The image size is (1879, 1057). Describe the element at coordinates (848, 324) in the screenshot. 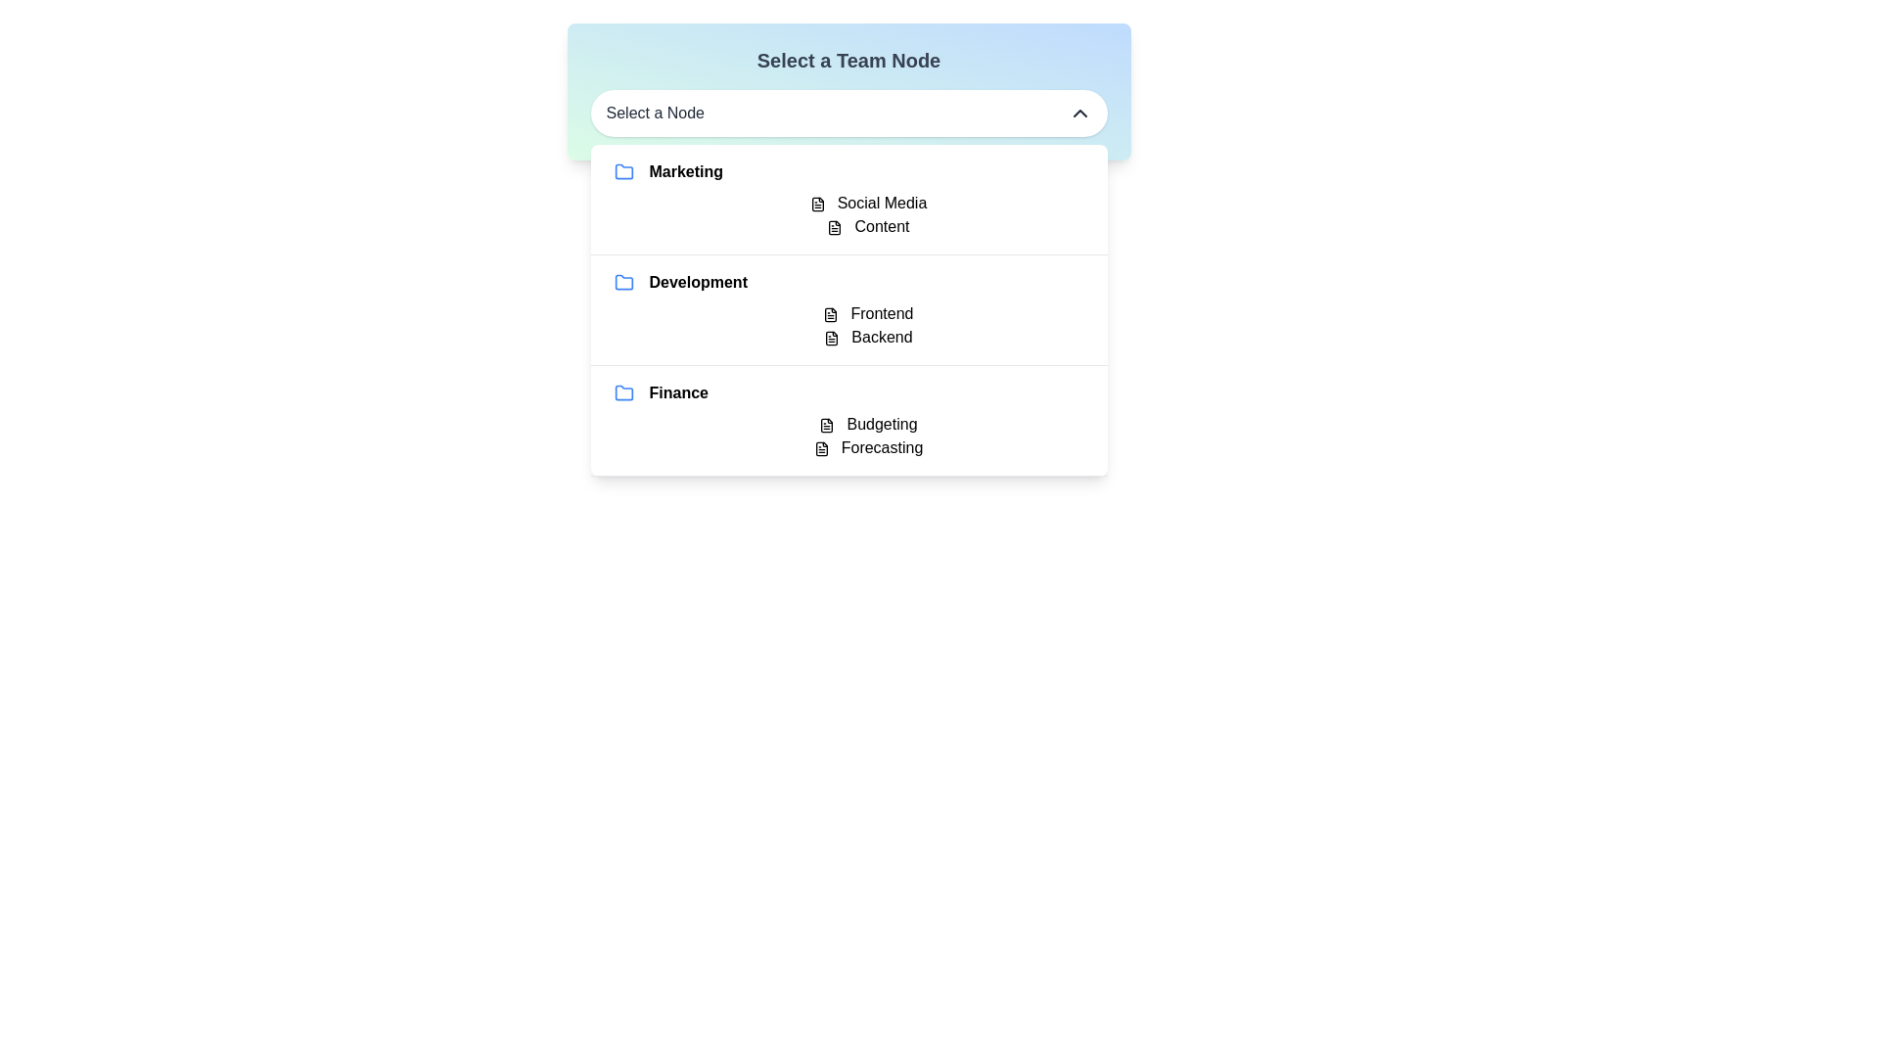

I see `the Text Label located in the 'Development' section, which provides information about a node in the interface, situated between 'Marketing' and 'Finance'` at that location.